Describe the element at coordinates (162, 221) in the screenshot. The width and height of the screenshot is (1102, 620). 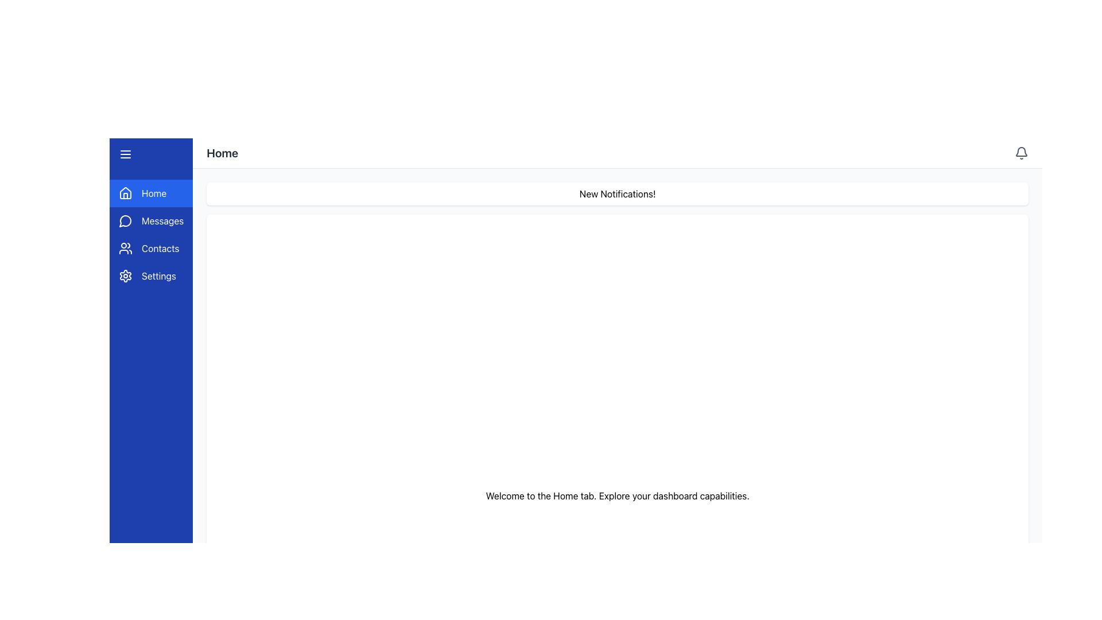
I see `the navigation text label for messages, which is the second item` at that location.